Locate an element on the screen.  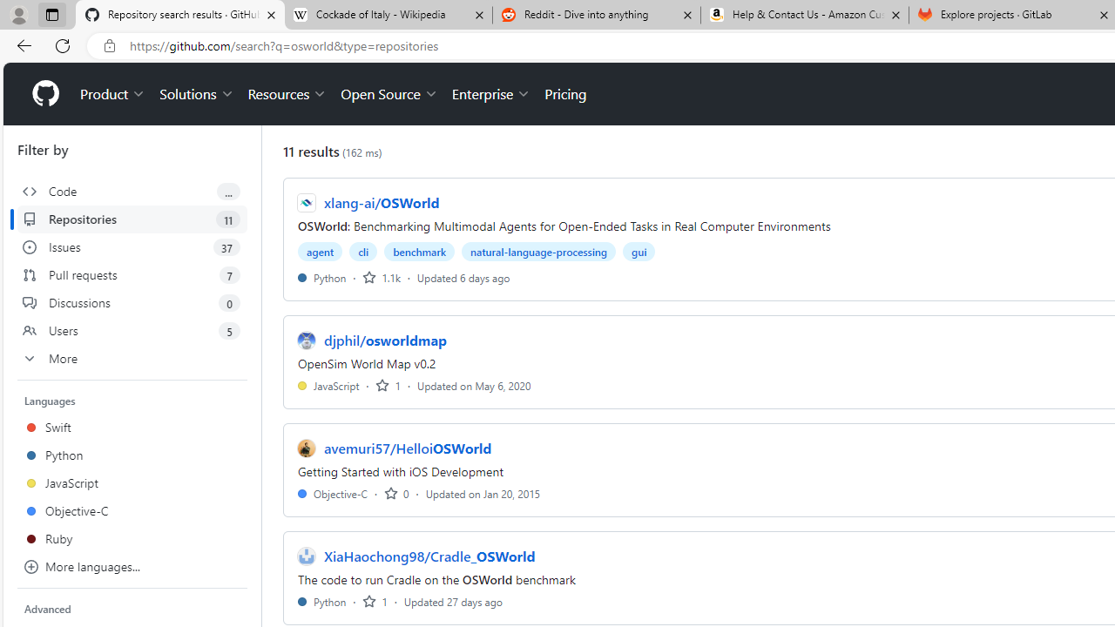
'Updated on May 6, 2020' is located at coordinates (474, 384).